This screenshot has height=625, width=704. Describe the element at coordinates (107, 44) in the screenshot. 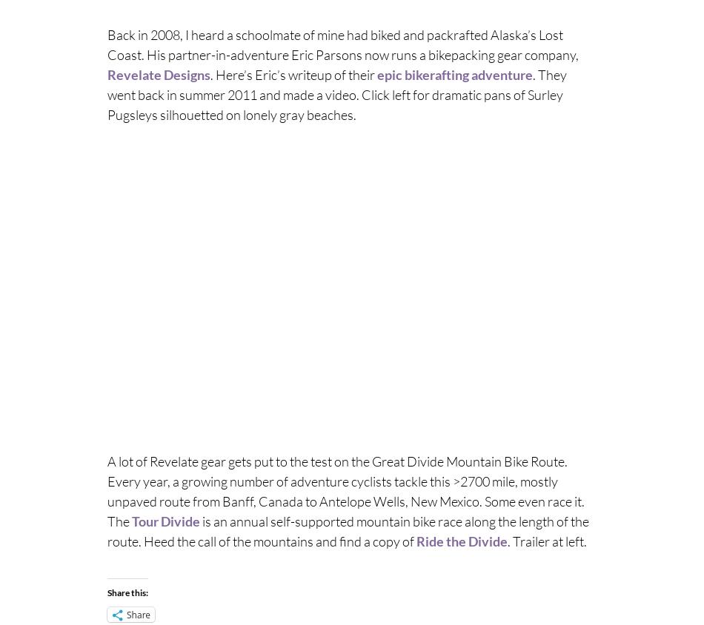

I see `'Back in 2008, I heard a schoolmate of mine had biked and packrafted Alaska’s Lost Coast. His partner-in-adventure Eric Parsons now runs a bikepacking gear company,'` at that location.